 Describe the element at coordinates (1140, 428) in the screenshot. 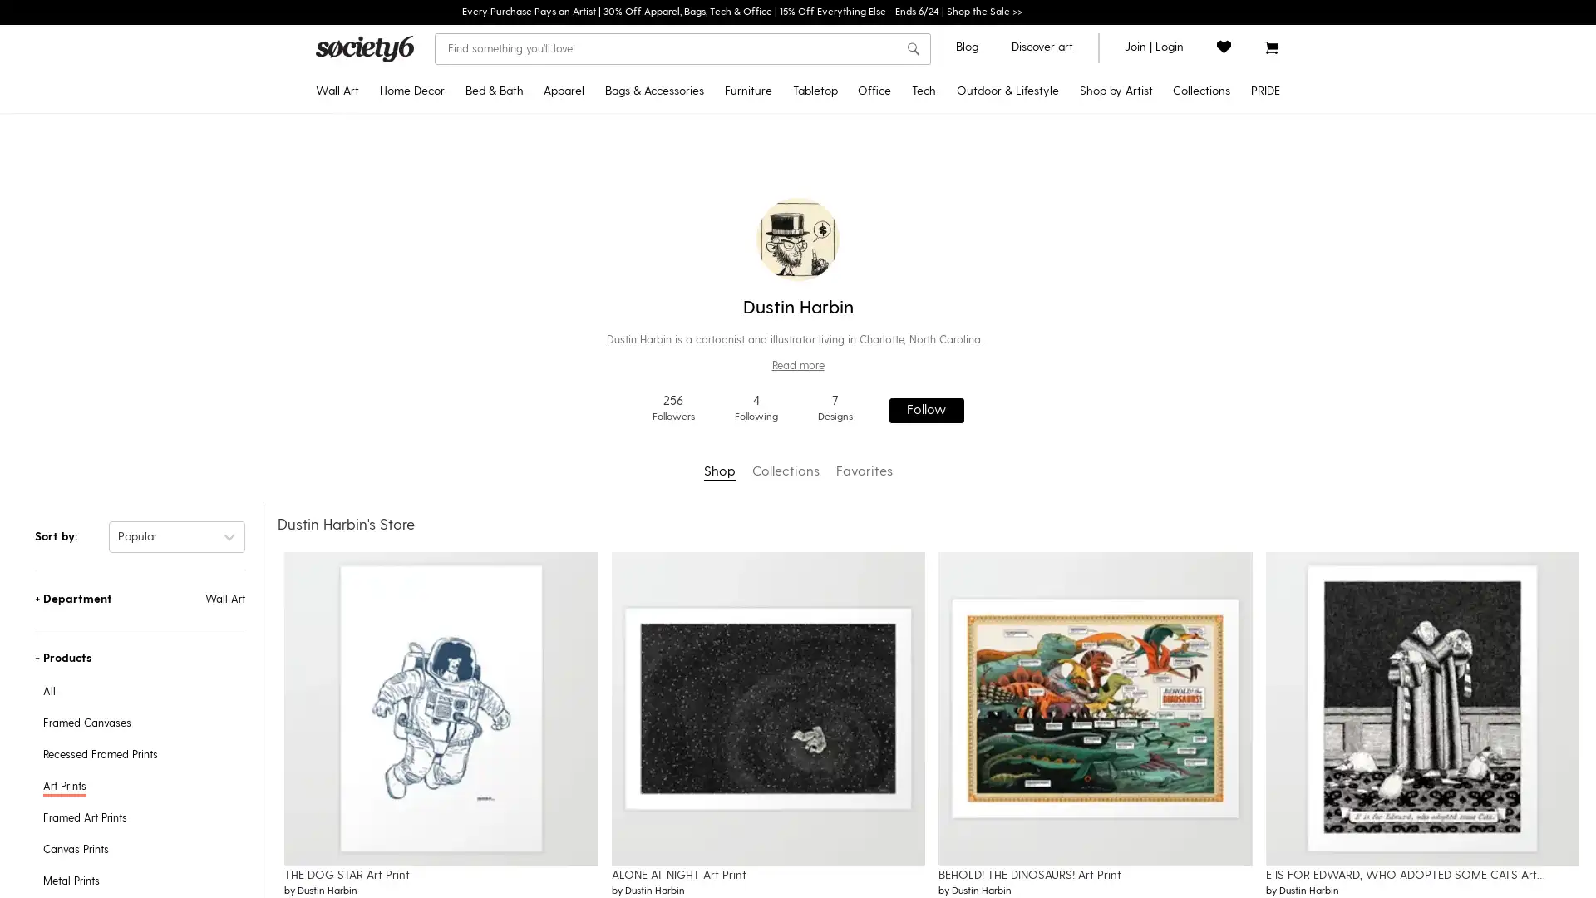

I see `Discover Cotton Bedding` at that location.